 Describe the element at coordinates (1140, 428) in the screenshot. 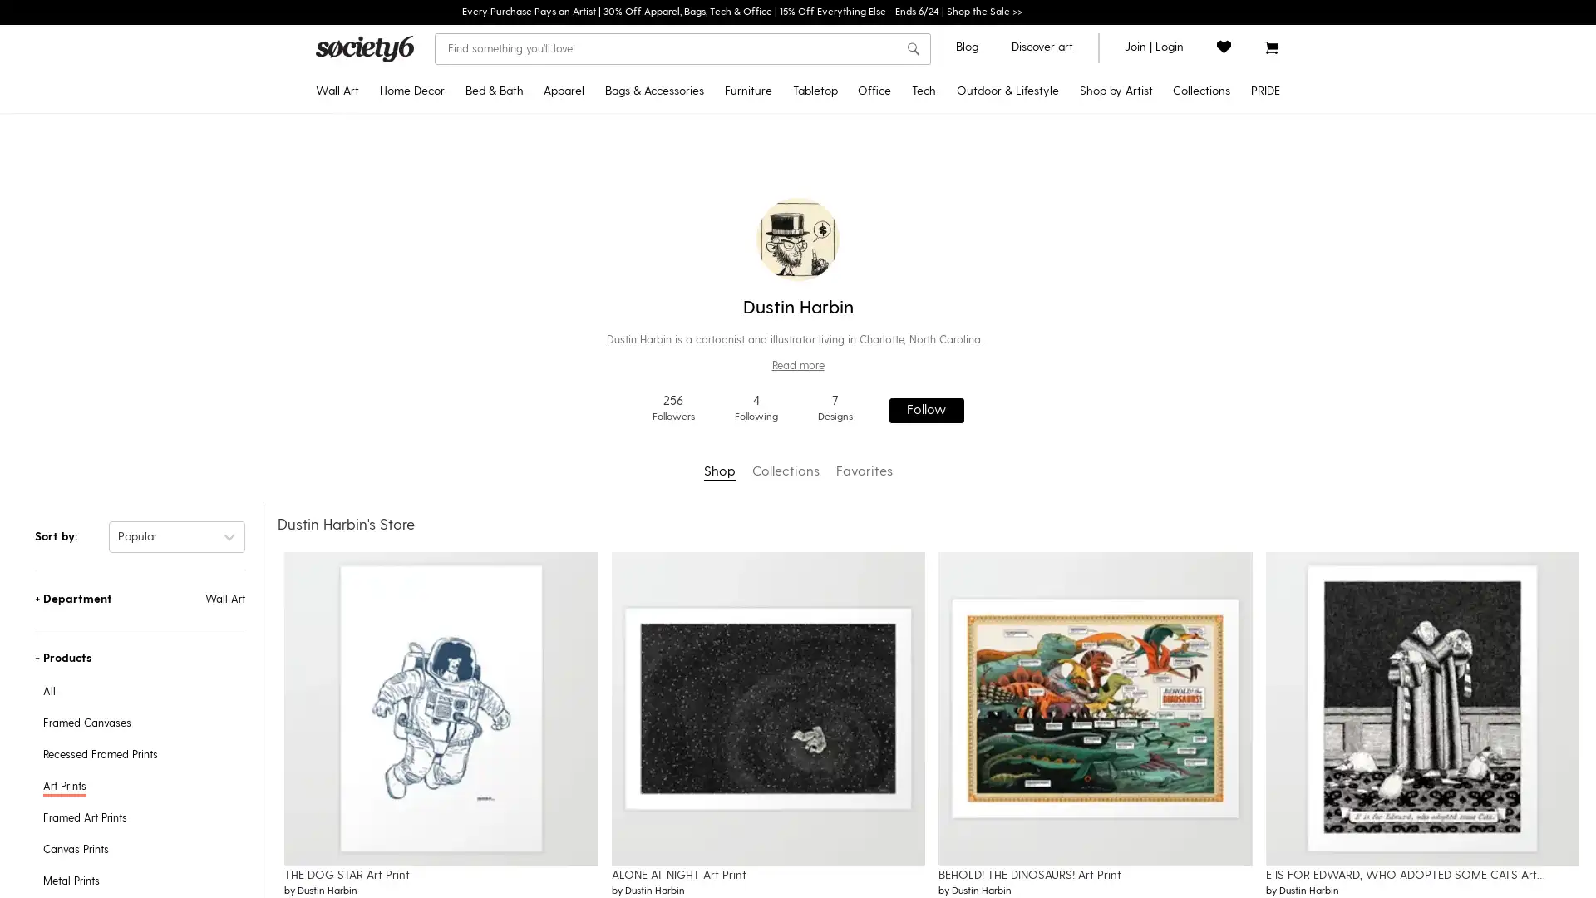

I see `Discover Cotton Bedding` at that location.